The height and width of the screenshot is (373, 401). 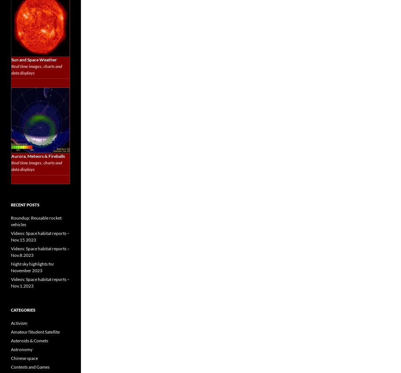 I want to click on 'Astronomy', so click(x=21, y=349).